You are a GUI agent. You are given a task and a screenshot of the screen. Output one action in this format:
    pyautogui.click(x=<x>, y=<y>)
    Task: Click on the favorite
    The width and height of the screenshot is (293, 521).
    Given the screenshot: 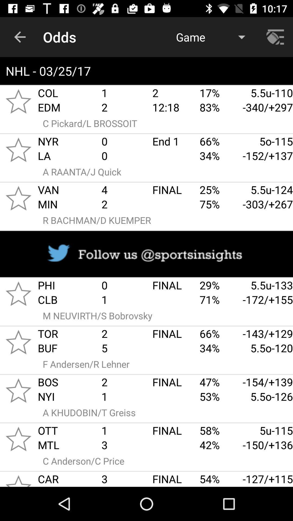 What is the action you would take?
    pyautogui.click(x=18, y=342)
    